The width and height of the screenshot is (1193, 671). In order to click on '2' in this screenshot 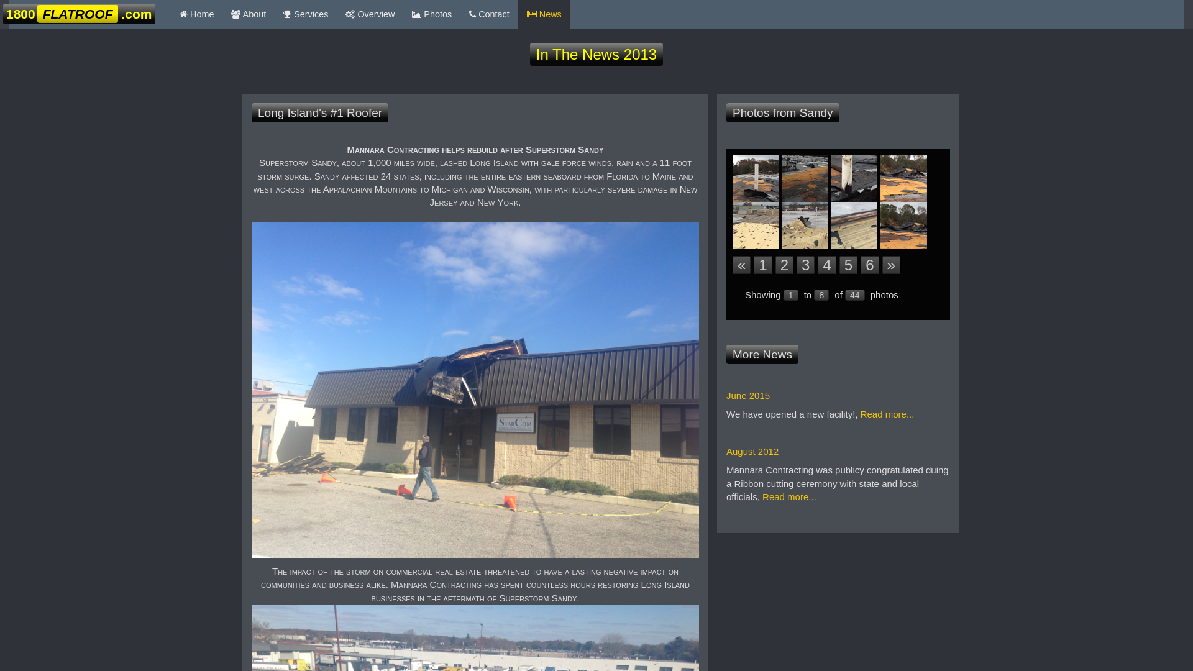, I will do `click(784, 264)`.